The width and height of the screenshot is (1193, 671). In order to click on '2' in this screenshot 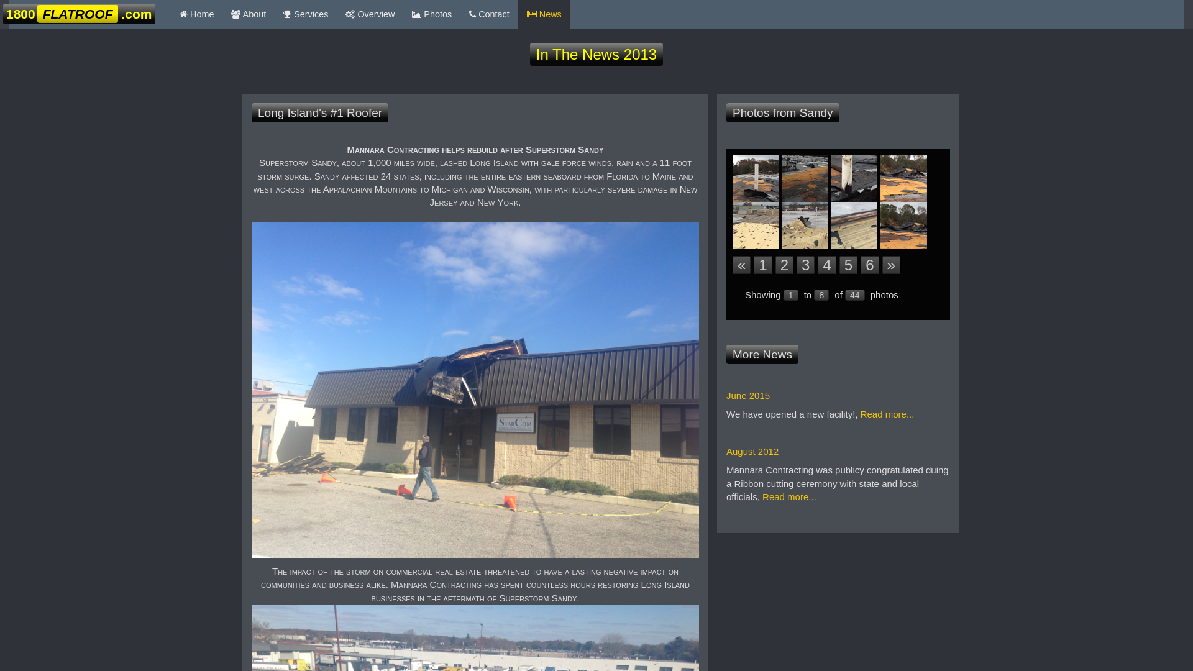, I will do `click(784, 264)`.